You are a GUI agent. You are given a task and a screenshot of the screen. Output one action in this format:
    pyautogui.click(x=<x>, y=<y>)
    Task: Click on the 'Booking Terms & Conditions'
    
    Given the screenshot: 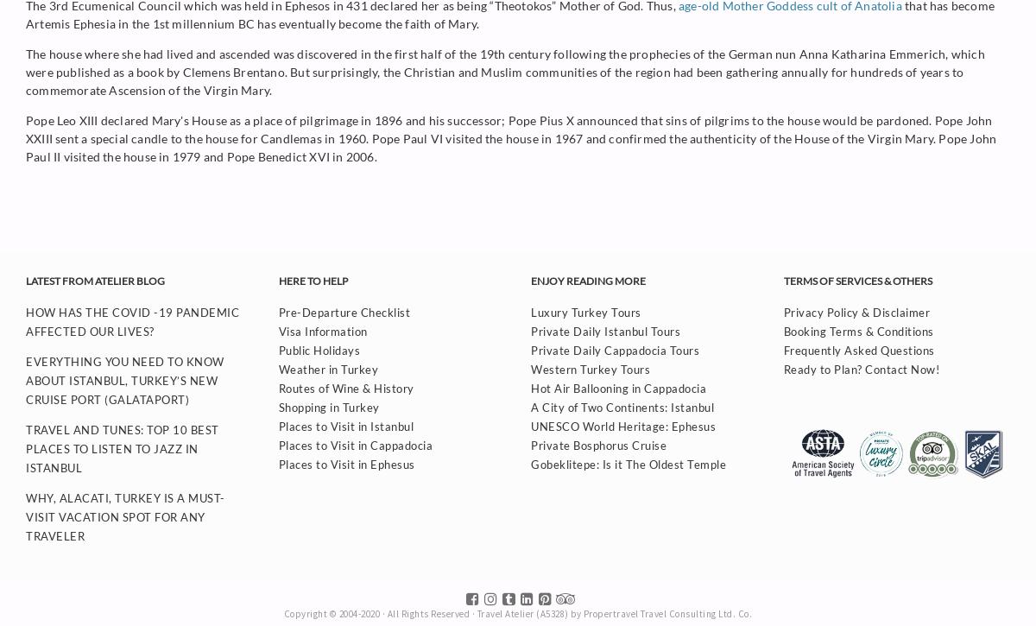 What is the action you would take?
    pyautogui.click(x=857, y=330)
    